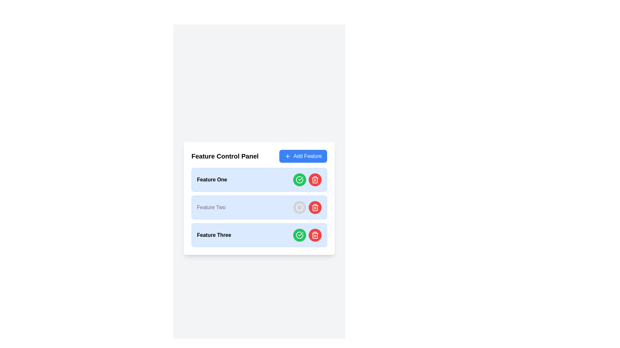 This screenshot has height=348, width=620. Describe the element at coordinates (299, 180) in the screenshot. I see `the Icon button located to the right of the 'Feature One' entry in the Feature Control Panel` at that location.